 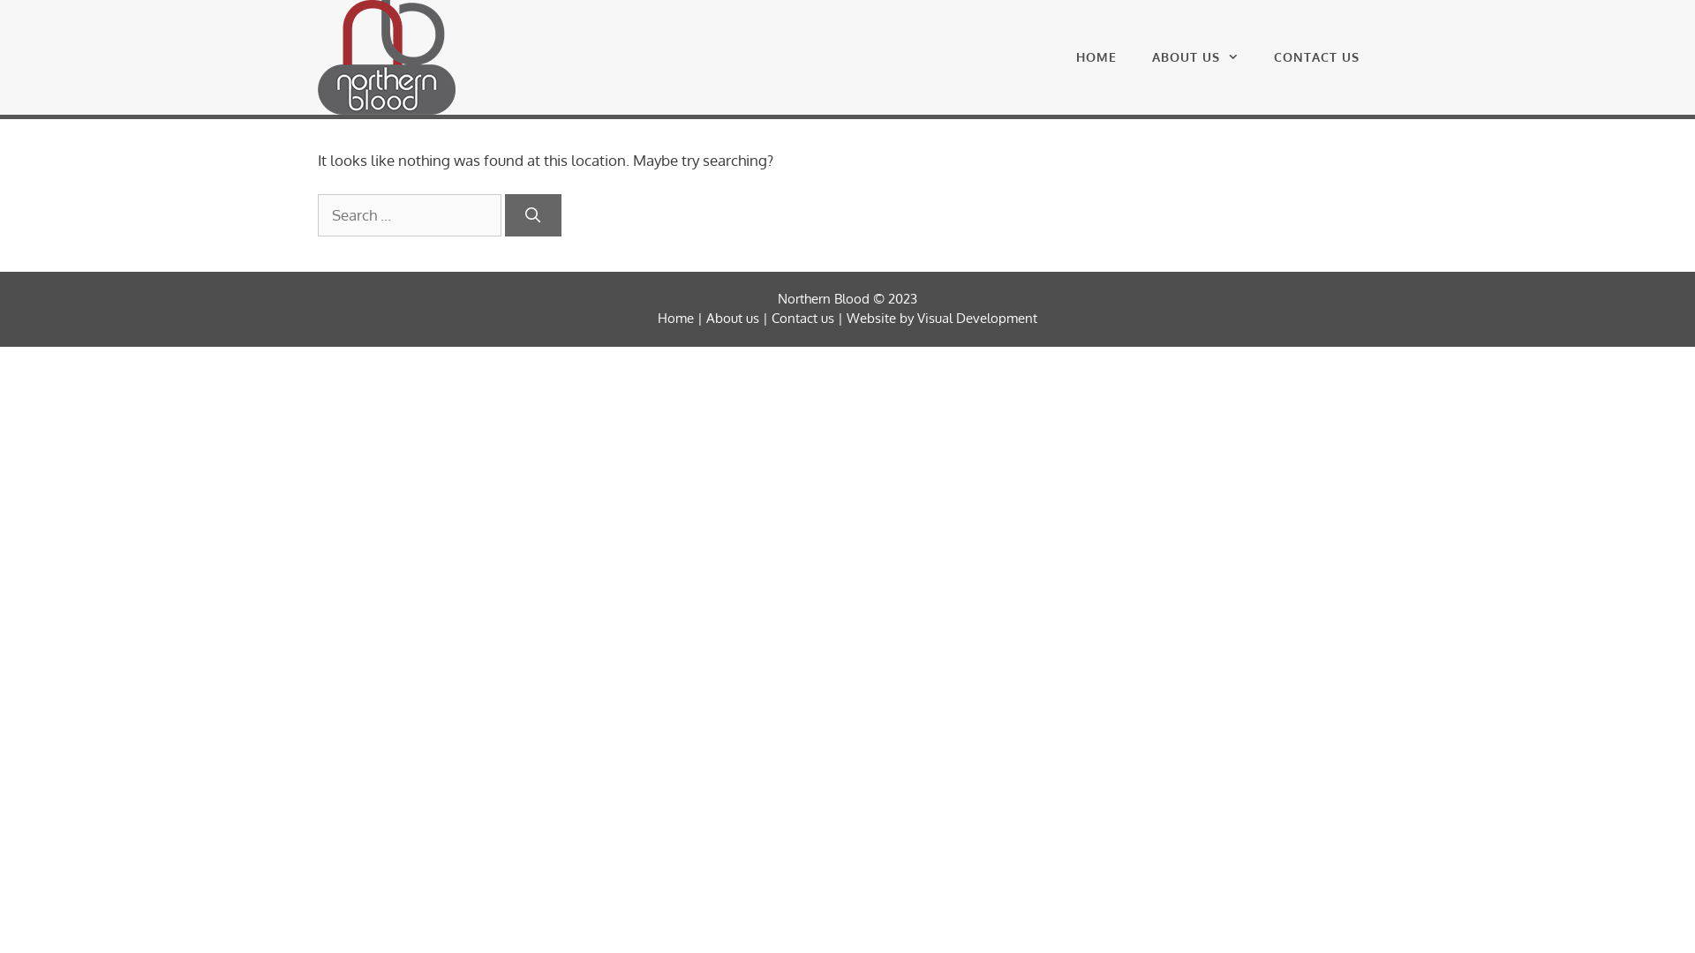 I want to click on 'HOME', so click(x=1096, y=56).